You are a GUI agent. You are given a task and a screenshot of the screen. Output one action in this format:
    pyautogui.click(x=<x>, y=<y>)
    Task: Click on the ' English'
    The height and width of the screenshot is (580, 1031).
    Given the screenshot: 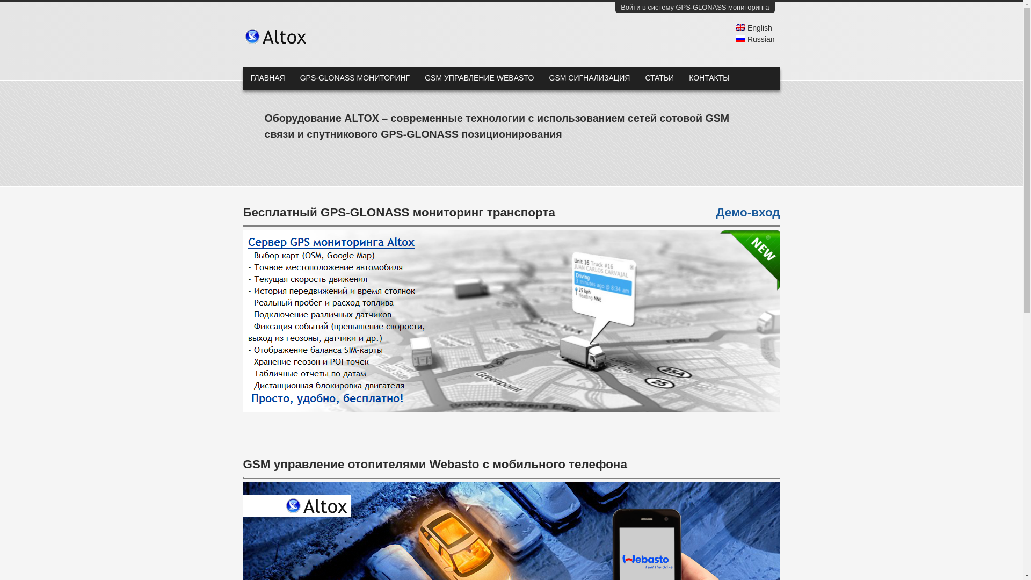 What is the action you would take?
    pyautogui.click(x=735, y=27)
    